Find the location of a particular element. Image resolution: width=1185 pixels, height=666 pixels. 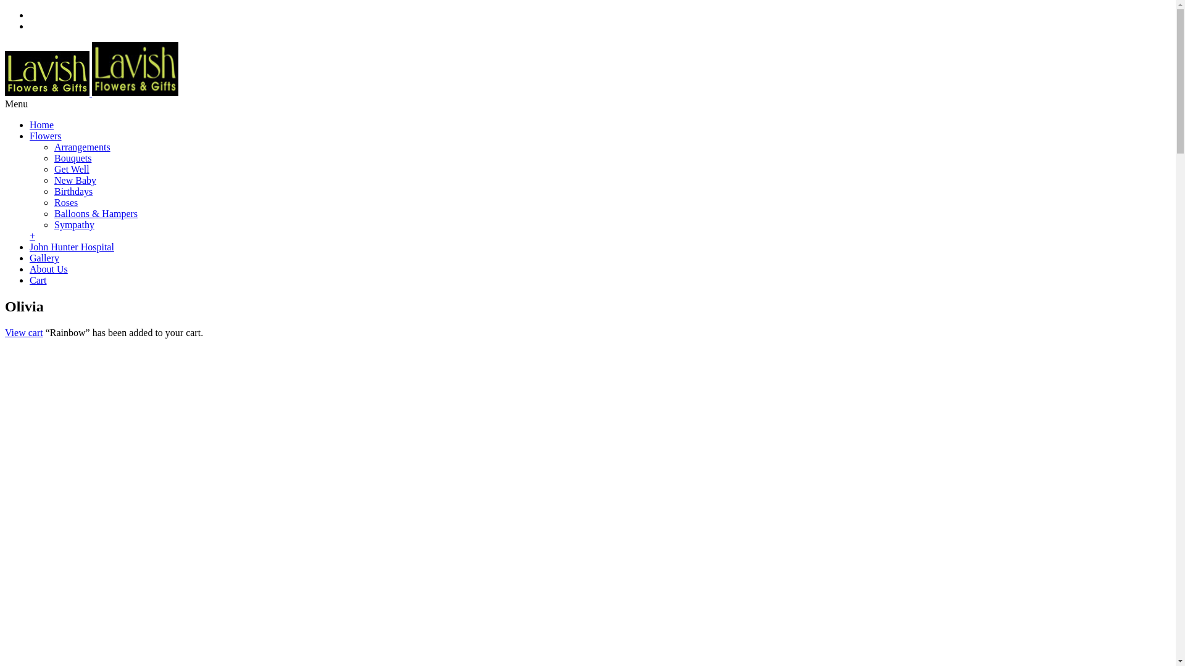

'Roses' is located at coordinates (65, 202).